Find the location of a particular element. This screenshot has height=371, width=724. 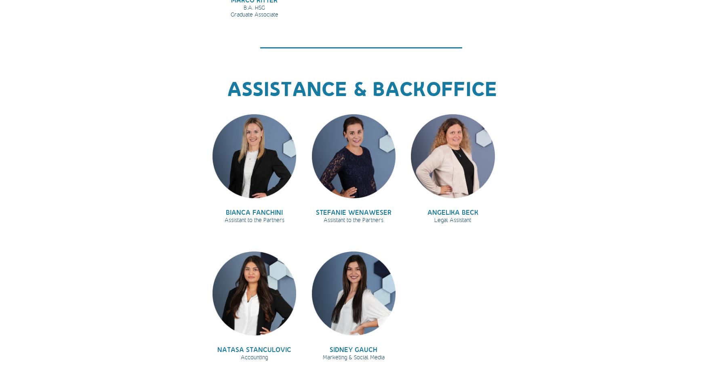

'BIANCA FANCHINI' is located at coordinates (254, 212).